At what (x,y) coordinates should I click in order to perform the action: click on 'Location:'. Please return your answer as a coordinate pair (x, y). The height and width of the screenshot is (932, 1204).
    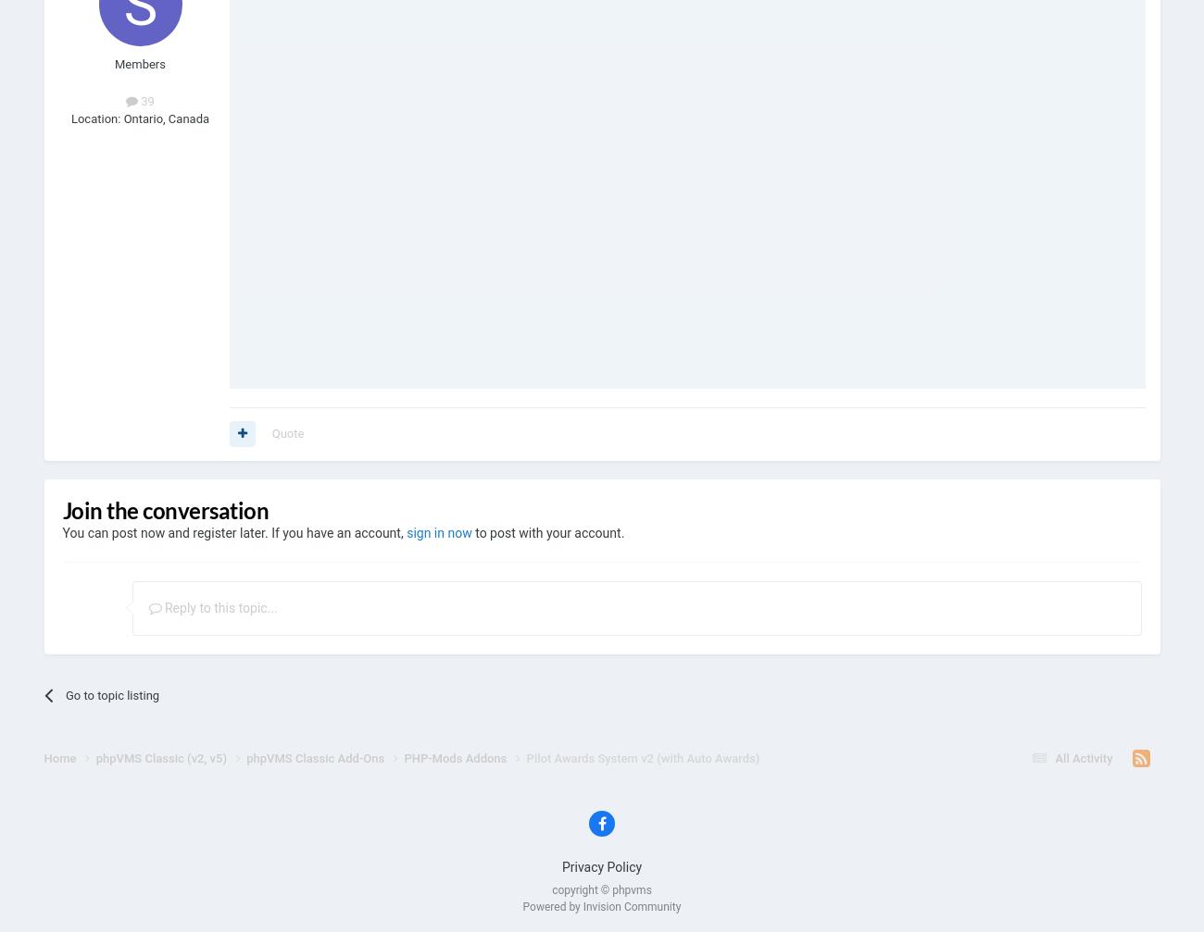
    Looking at the image, I should click on (94, 118).